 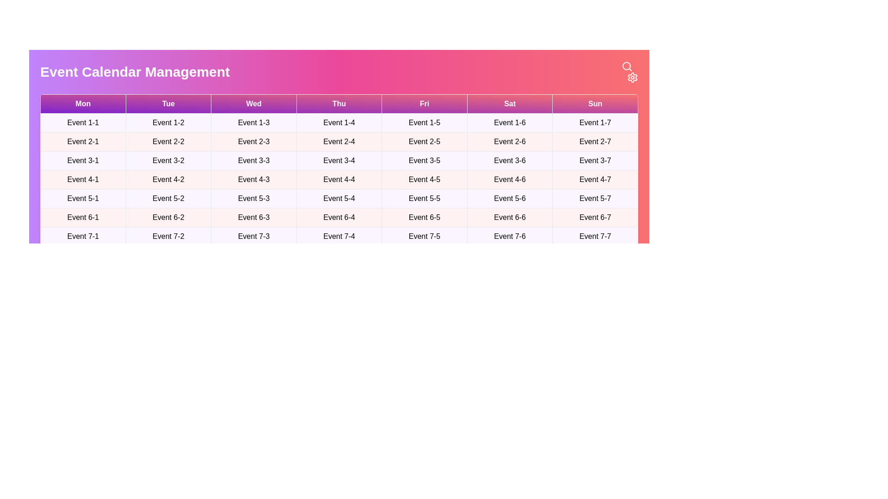 What do you see at coordinates (339, 103) in the screenshot?
I see `the table header corresponding to Thu` at bounding box center [339, 103].